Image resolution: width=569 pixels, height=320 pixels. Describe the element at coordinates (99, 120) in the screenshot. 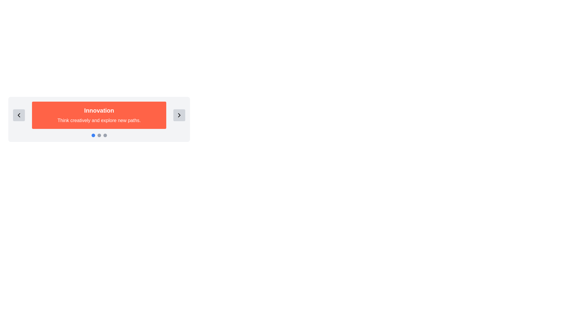

I see `the static text element displaying 'Think creatively and explore new paths.' which is centered within an orange rectangular background, located below the bold text 'Innovation'` at that location.